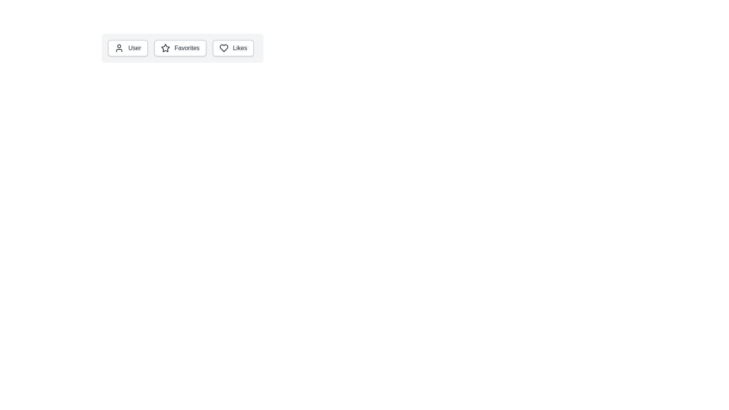  What do you see at coordinates (180, 48) in the screenshot?
I see `the Favorites chip to view its hover effects` at bounding box center [180, 48].